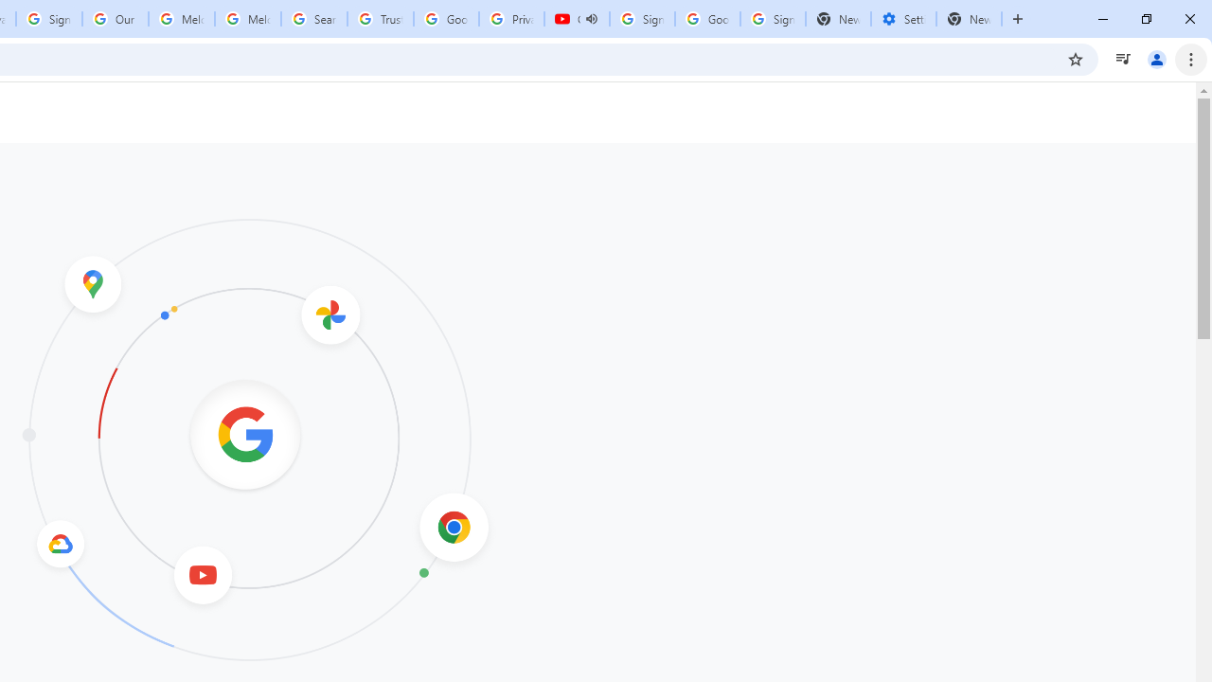  I want to click on 'Google Ads - Sign in', so click(445, 19).